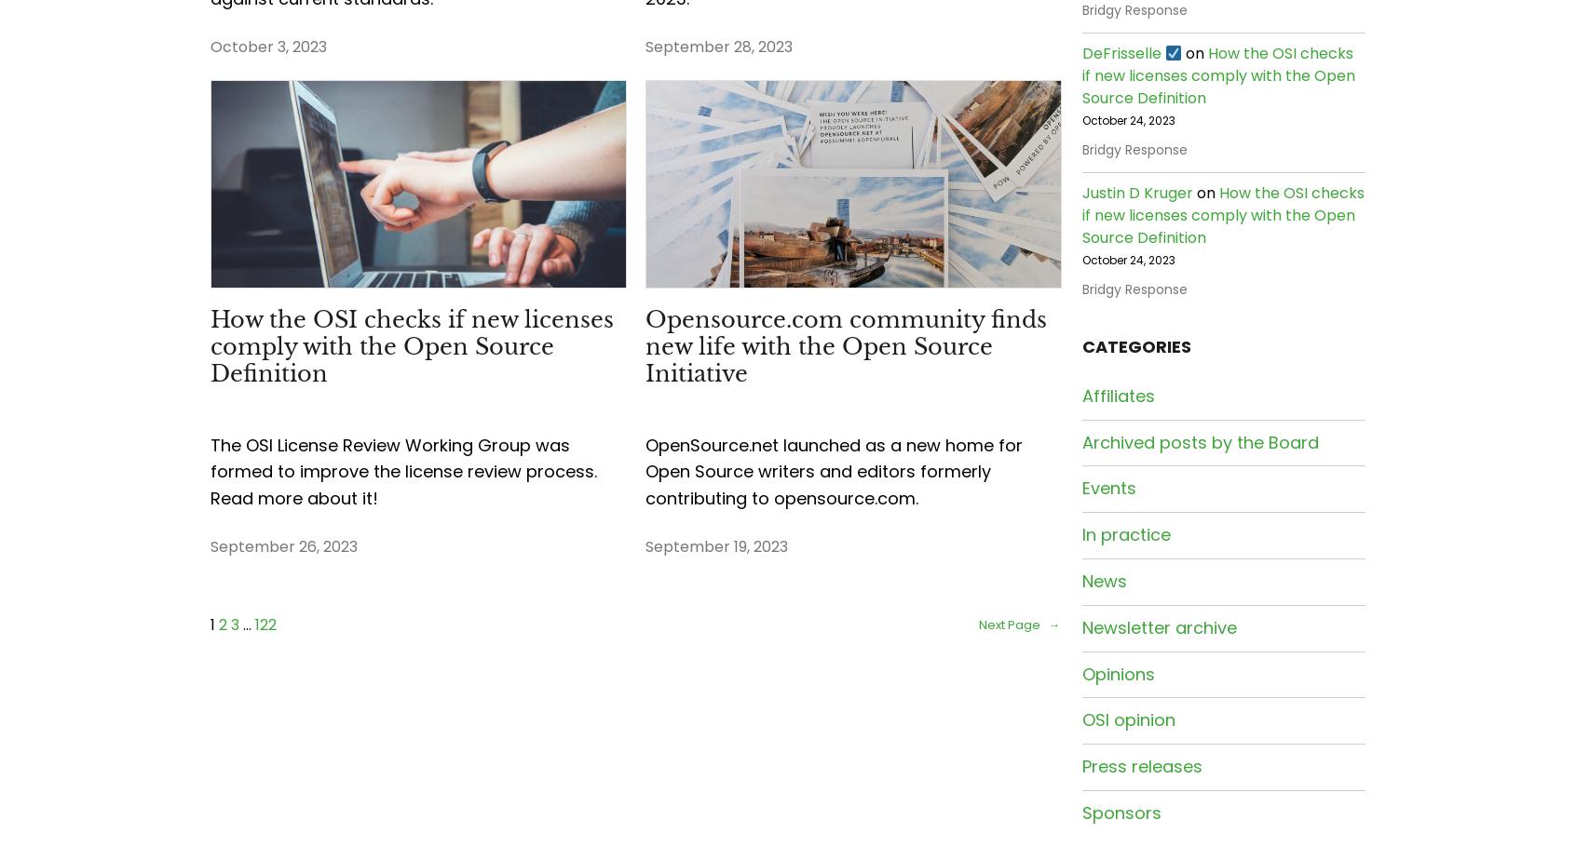 This screenshot has height=860, width=1576. I want to click on 'Newsletter archive', so click(1159, 626).